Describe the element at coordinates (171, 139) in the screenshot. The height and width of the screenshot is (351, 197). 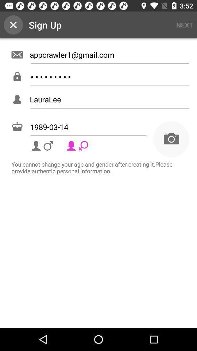
I see `the photo icon` at that location.